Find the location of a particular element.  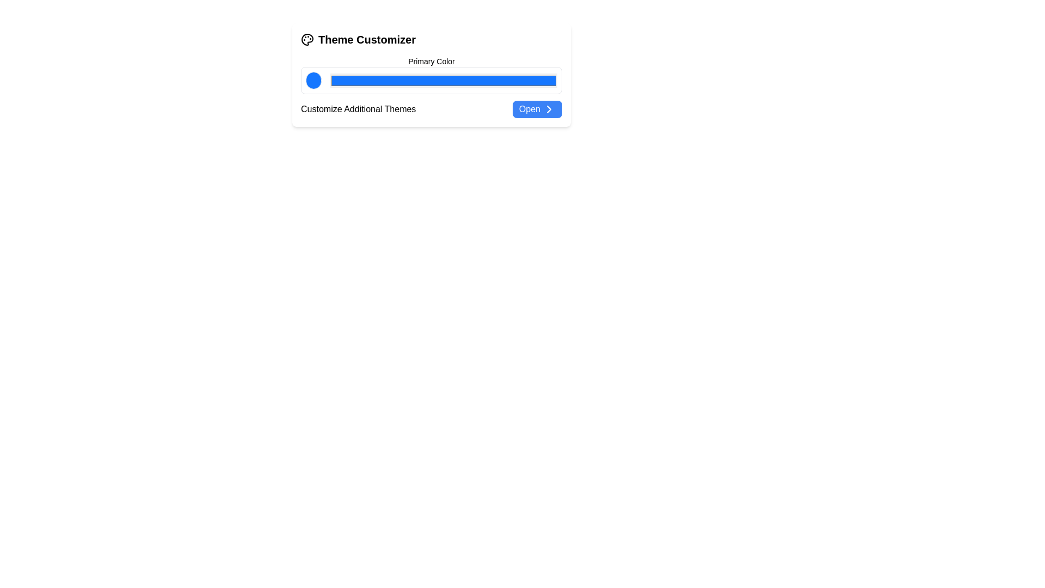

description of the Text Label that serves as a descriptor for the color picker interface, located at the top and horizontally centered above the color picker is located at coordinates (431, 61).